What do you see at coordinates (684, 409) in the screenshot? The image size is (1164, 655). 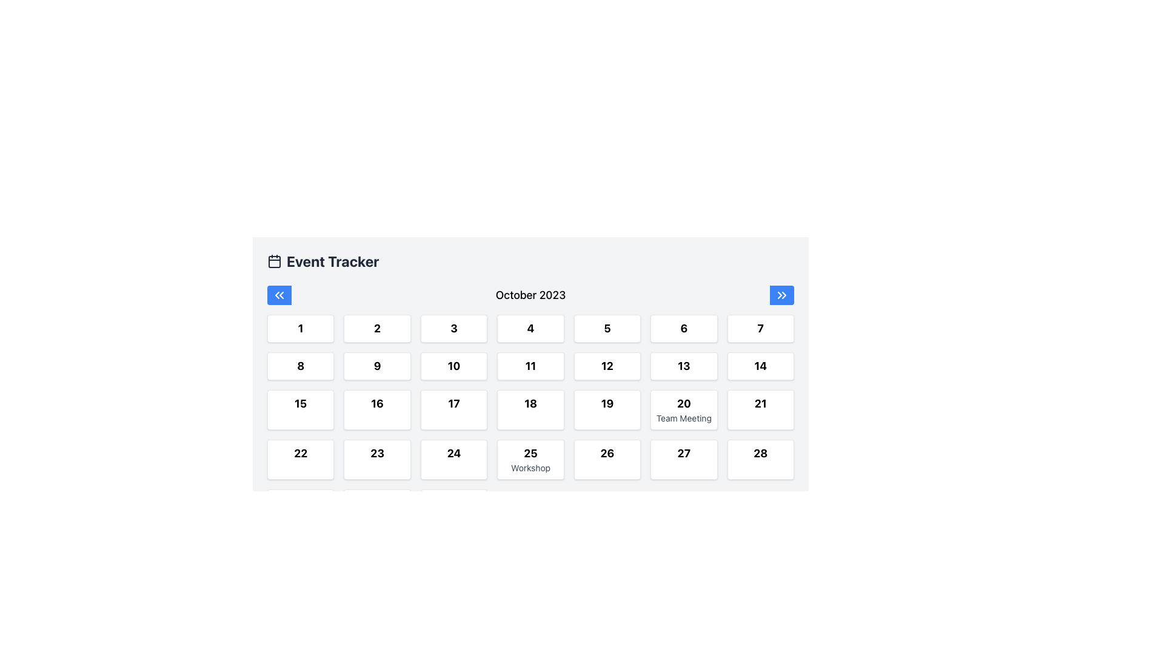 I see `the Date Cell in the third row and sixth column of the calendar grid to interact with potential event details` at bounding box center [684, 409].